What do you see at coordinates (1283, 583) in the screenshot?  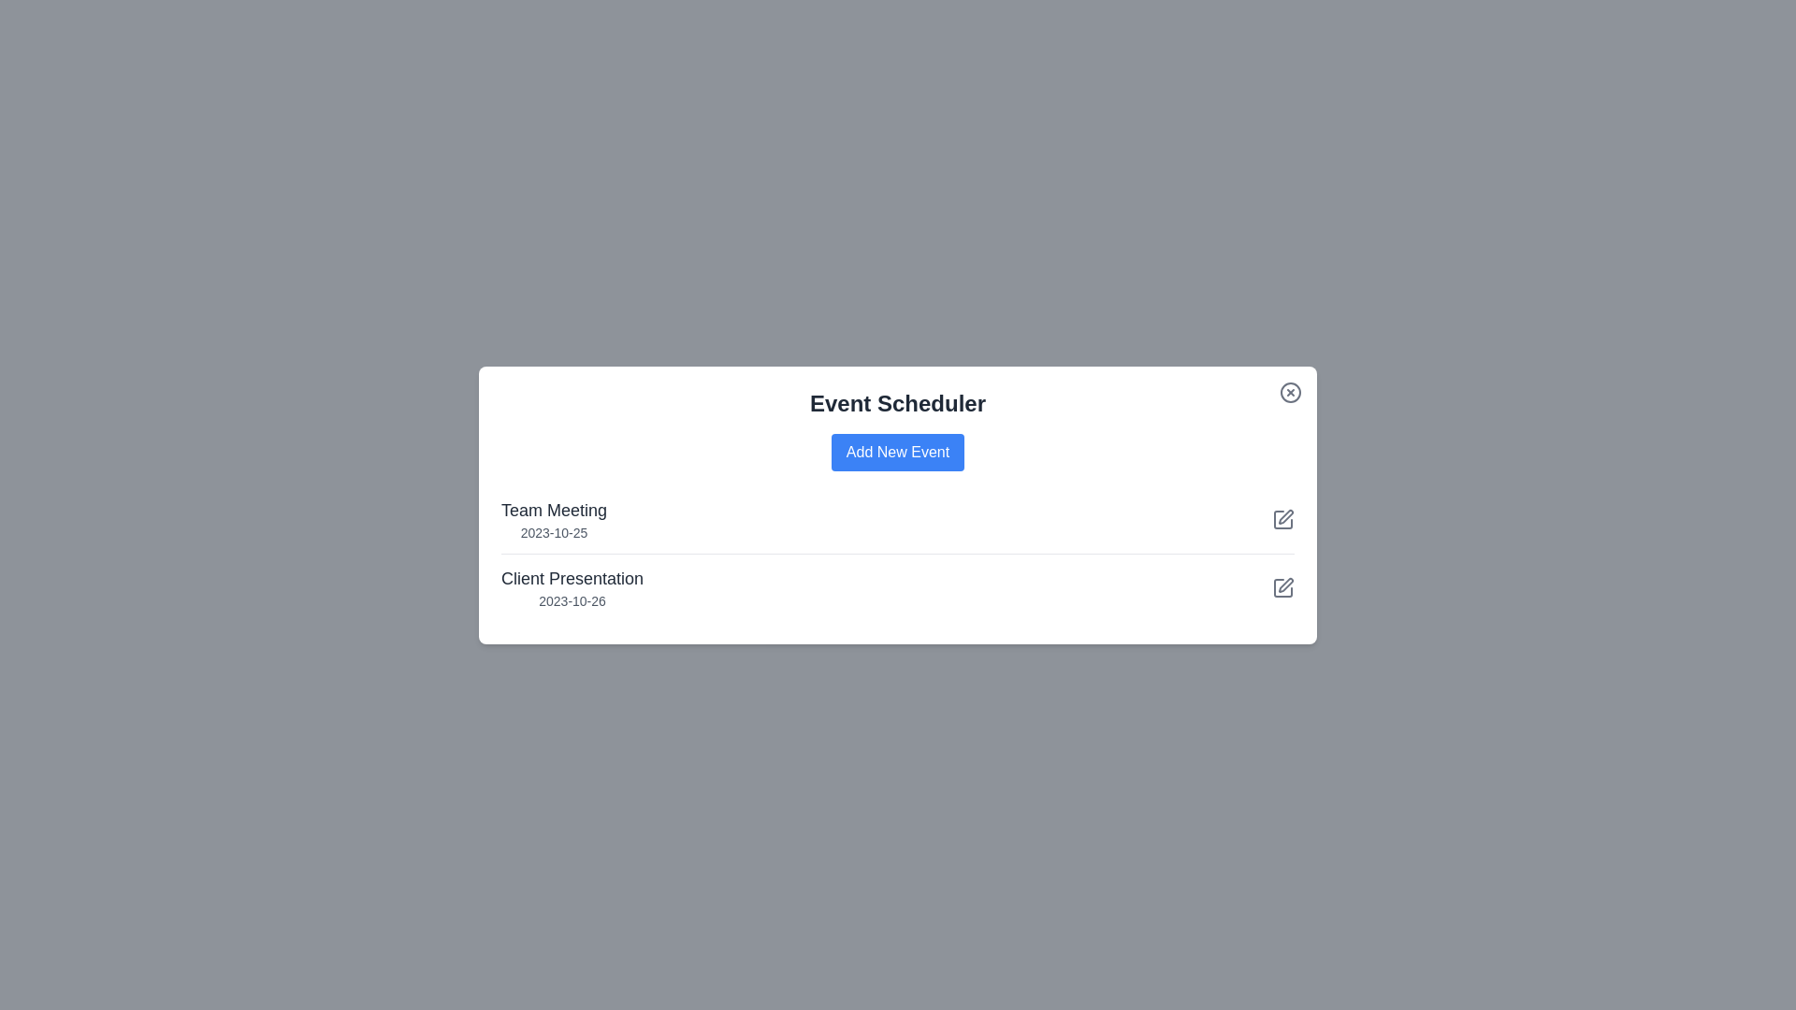 I see `the edit icon button located near the bottom-right corner of the second event row in the event scheduler interface to initiate editing` at bounding box center [1283, 583].